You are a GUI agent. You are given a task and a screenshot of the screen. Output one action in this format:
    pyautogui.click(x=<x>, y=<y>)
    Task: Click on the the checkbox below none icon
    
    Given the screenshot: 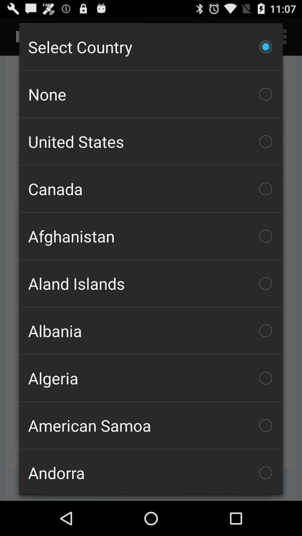 What is the action you would take?
    pyautogui.click(x=151, y=142)
    